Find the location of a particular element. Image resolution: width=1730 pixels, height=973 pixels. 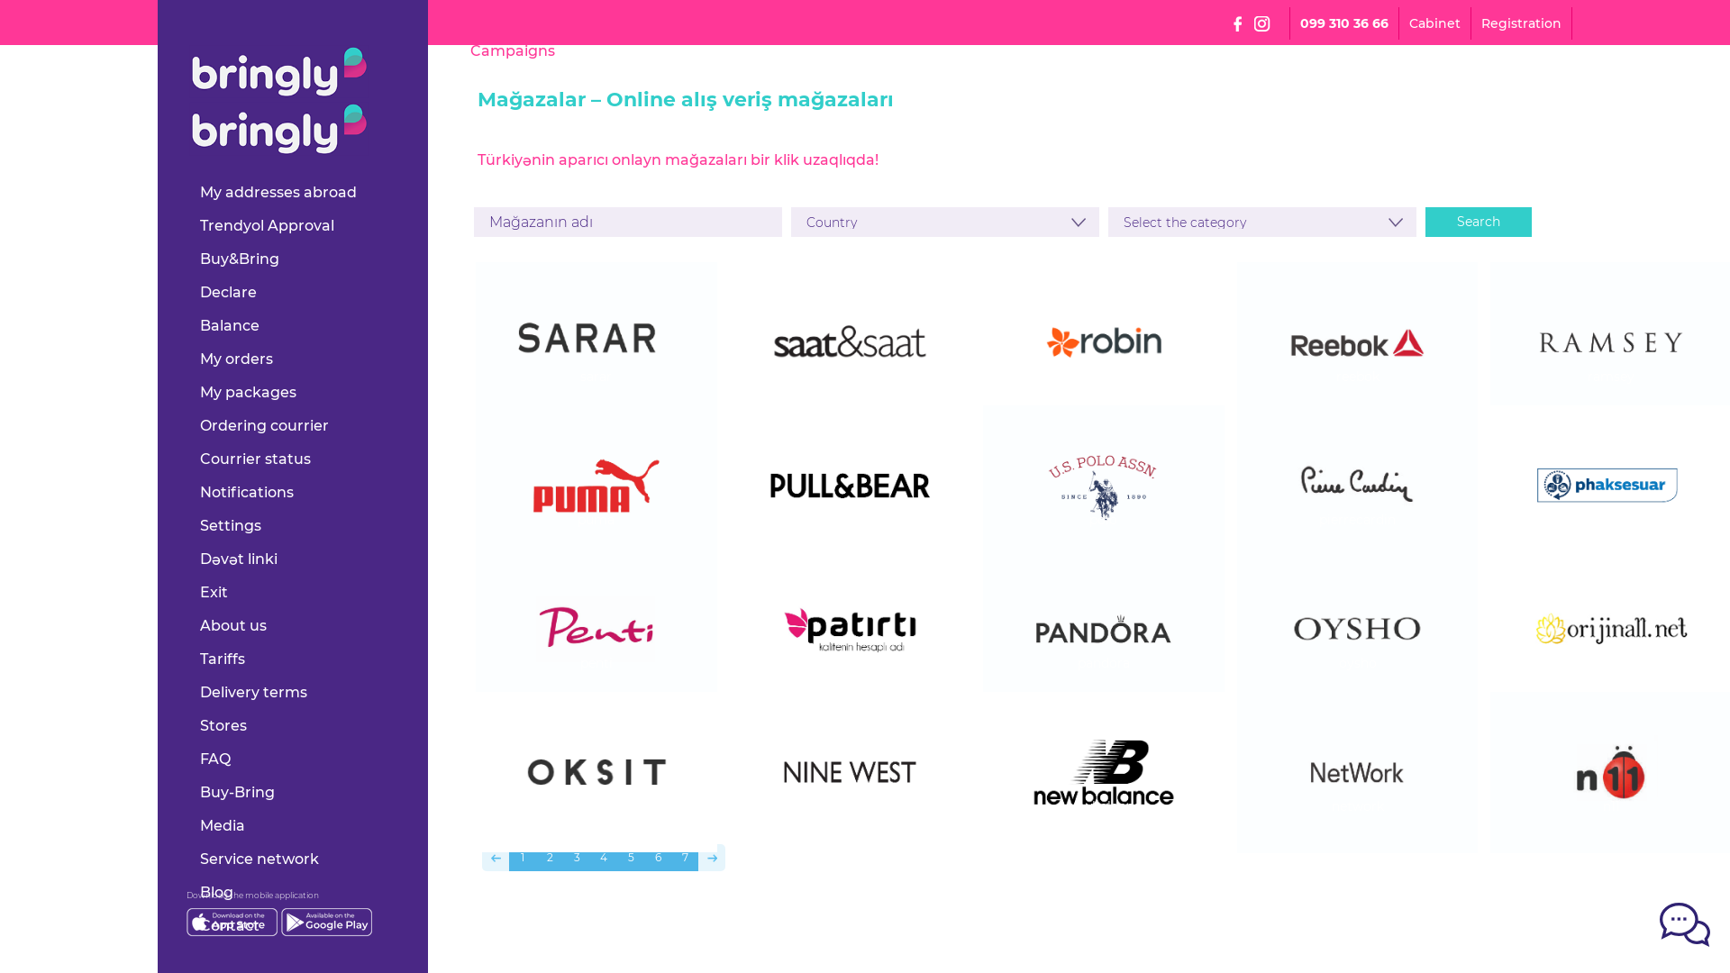

'Campaigns' is located at coordinates (512, 50).